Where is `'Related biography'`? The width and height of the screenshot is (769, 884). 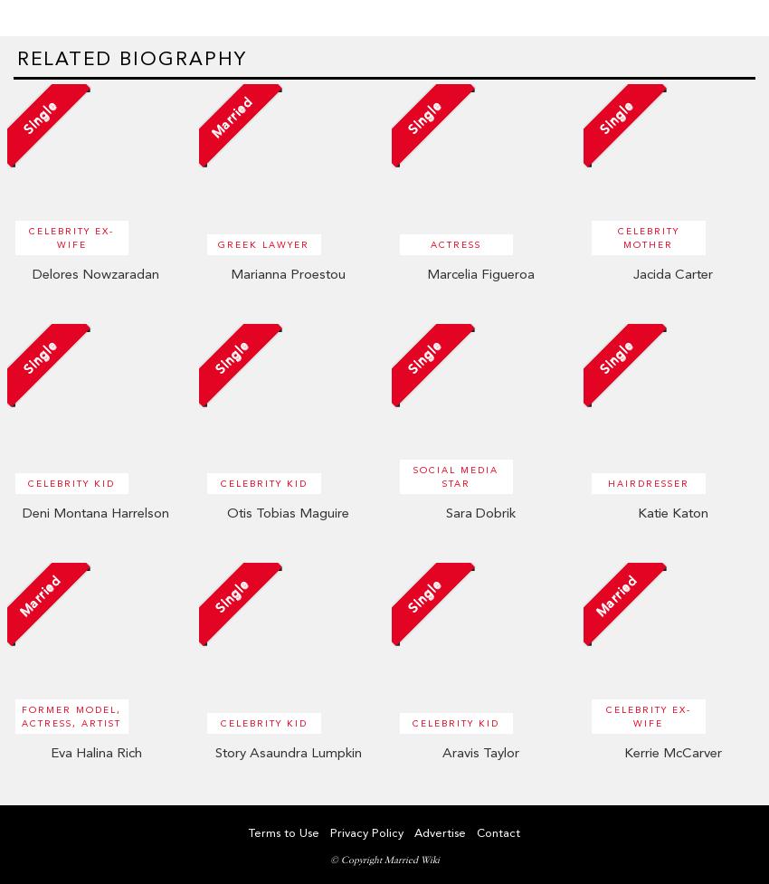 'Related biography' is located at coordinates (132, 57).